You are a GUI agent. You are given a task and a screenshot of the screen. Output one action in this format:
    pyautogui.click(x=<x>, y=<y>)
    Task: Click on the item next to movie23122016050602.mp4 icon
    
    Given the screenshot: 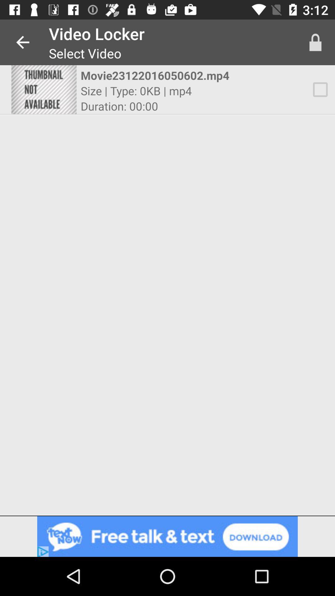 What is the action you would take?
    pyautogui.click(x=43, y=89)
    